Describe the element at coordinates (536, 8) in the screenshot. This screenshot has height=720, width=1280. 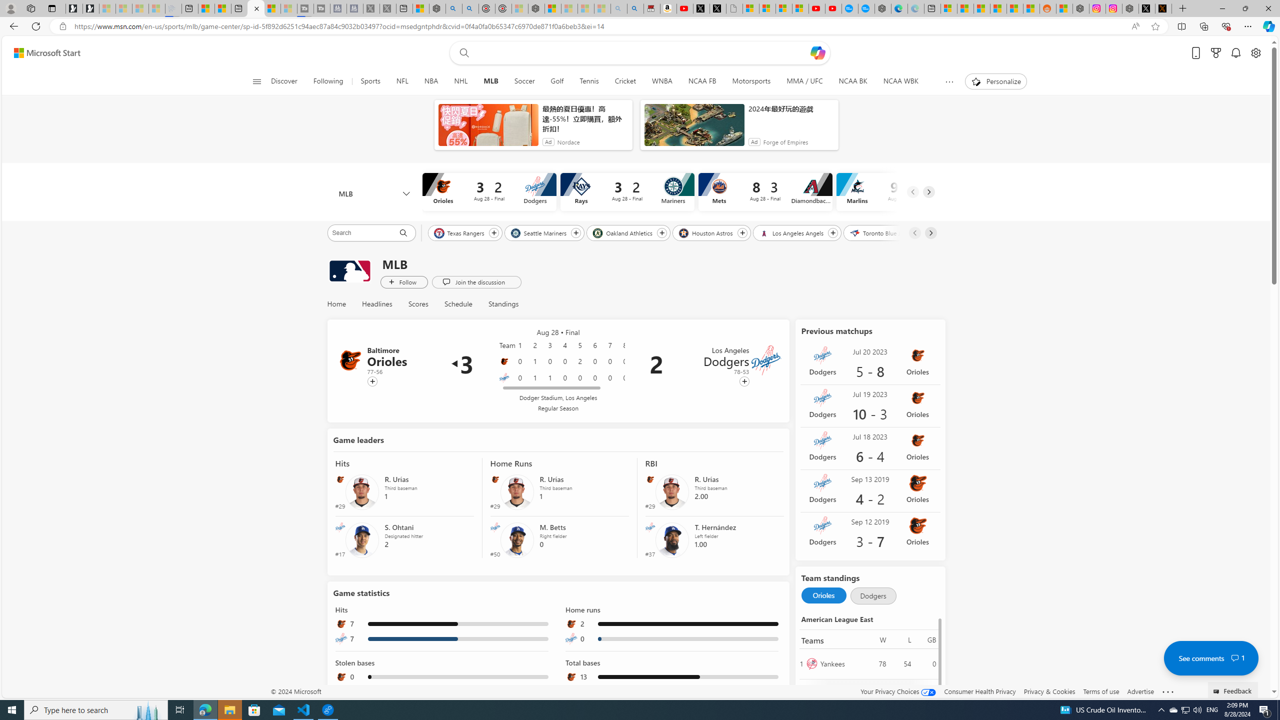
I see `'Nordace - Nordace Siena Is Not An Ordinary Backpack'` at that location.